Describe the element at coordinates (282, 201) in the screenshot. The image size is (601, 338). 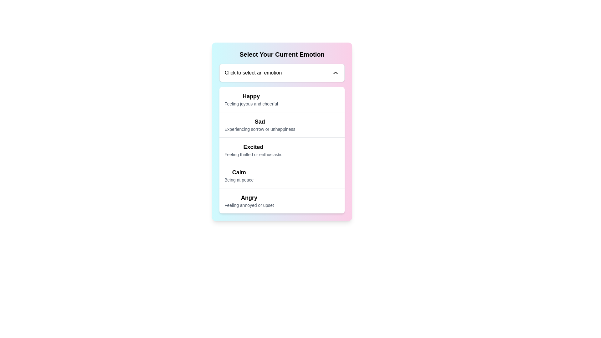
I see `the List item displaying 'Angry' which is the fifth entry in the emotion selection list` at that location.